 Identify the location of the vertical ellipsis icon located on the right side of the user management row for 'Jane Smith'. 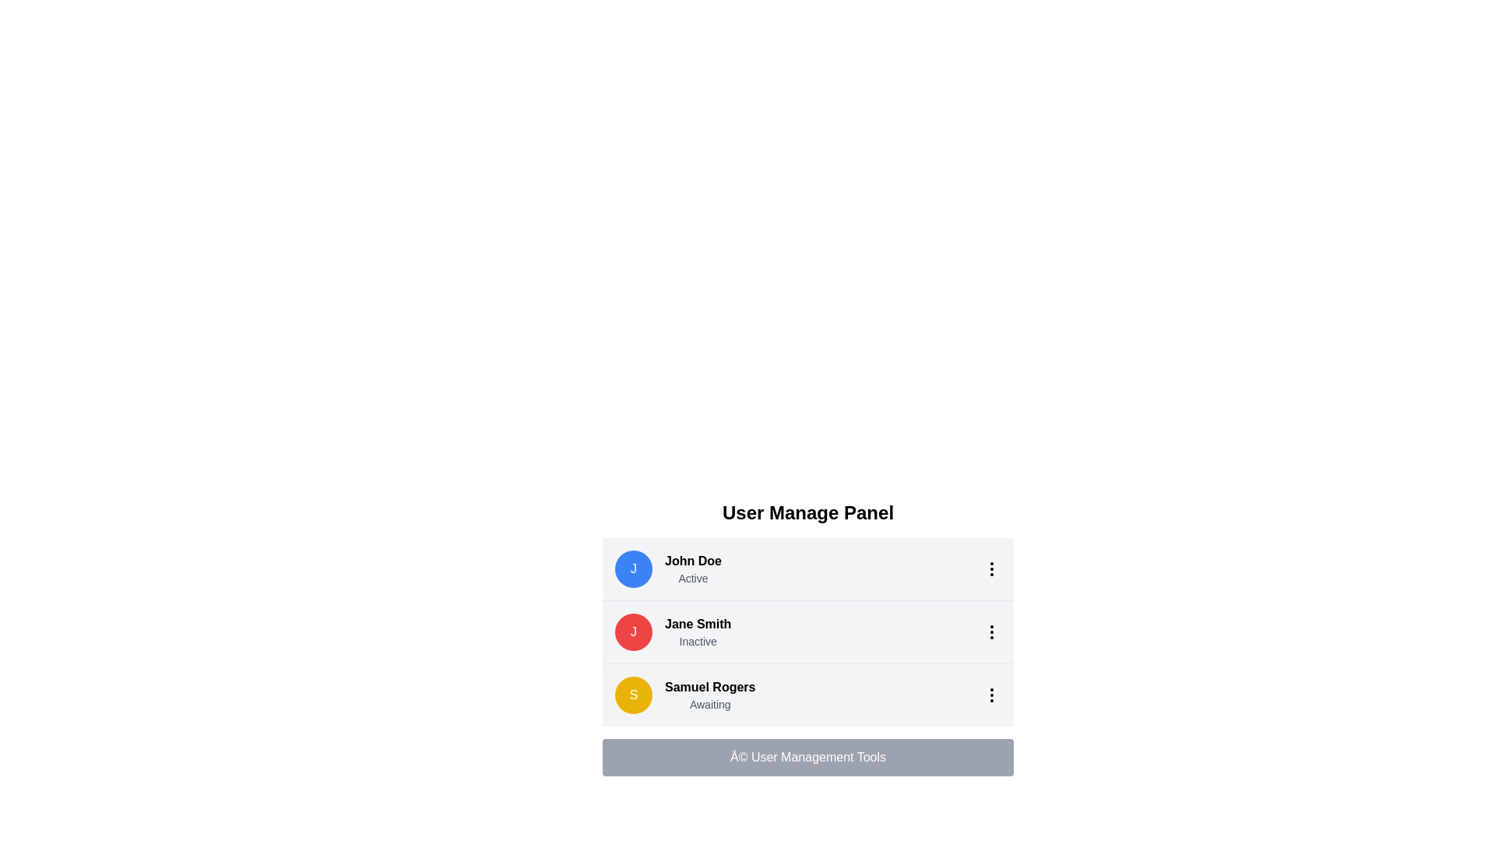
(990, 632).